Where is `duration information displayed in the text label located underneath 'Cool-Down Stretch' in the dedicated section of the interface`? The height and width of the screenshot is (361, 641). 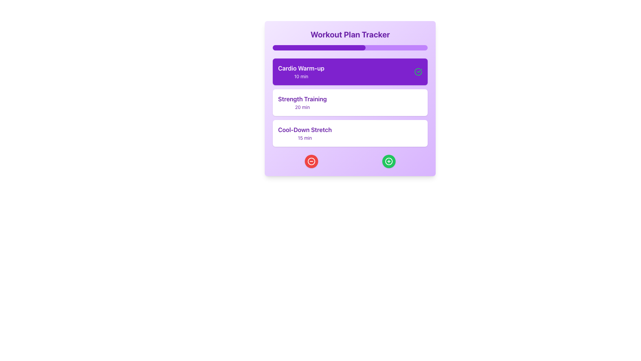
duration information displayed in the text label located underneath 'Cool-Down Stretch' in the dedicated section of the interface is located at coordinates (304, 137).